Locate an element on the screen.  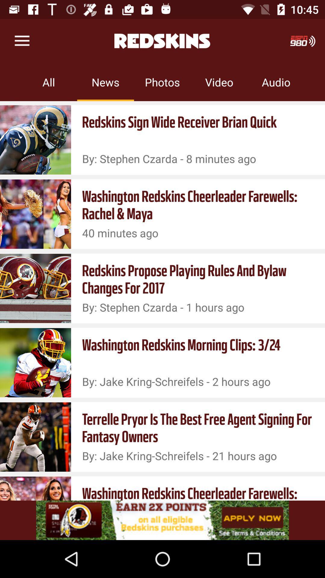
advertisement link is located at coordinates (162, 520).